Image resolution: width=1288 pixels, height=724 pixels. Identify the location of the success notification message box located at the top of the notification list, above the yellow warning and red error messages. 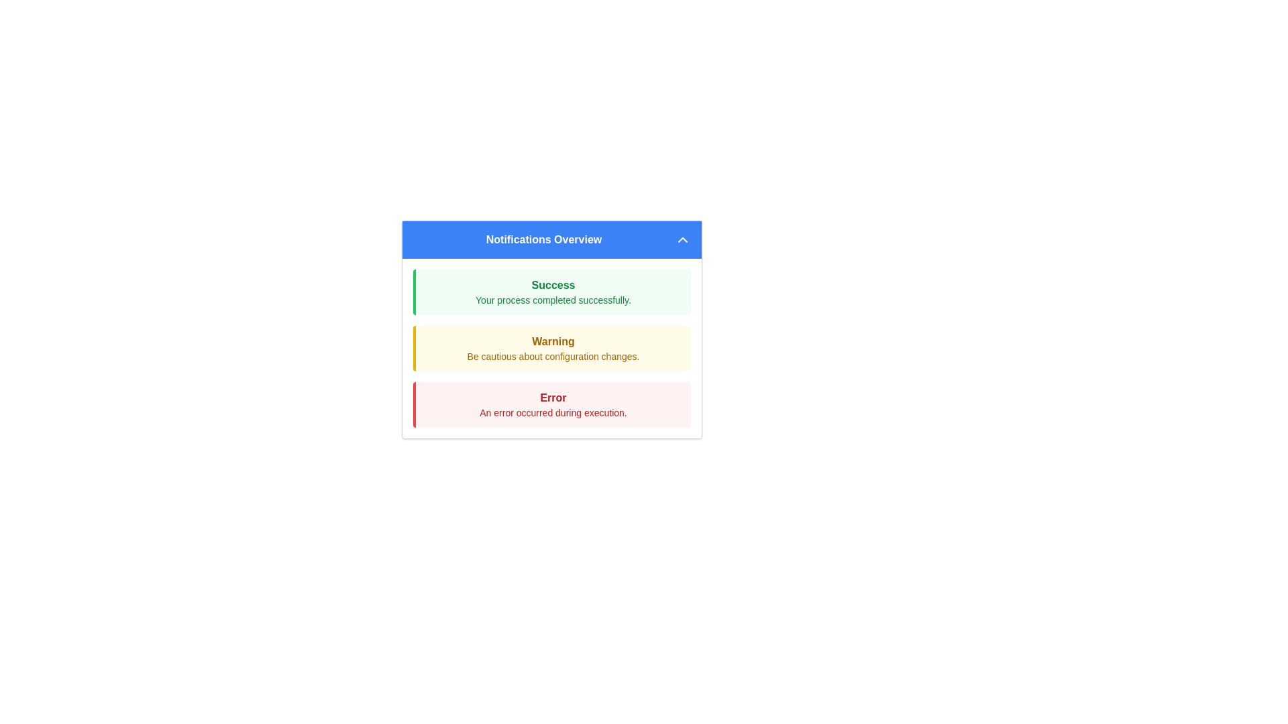
(551, 291).